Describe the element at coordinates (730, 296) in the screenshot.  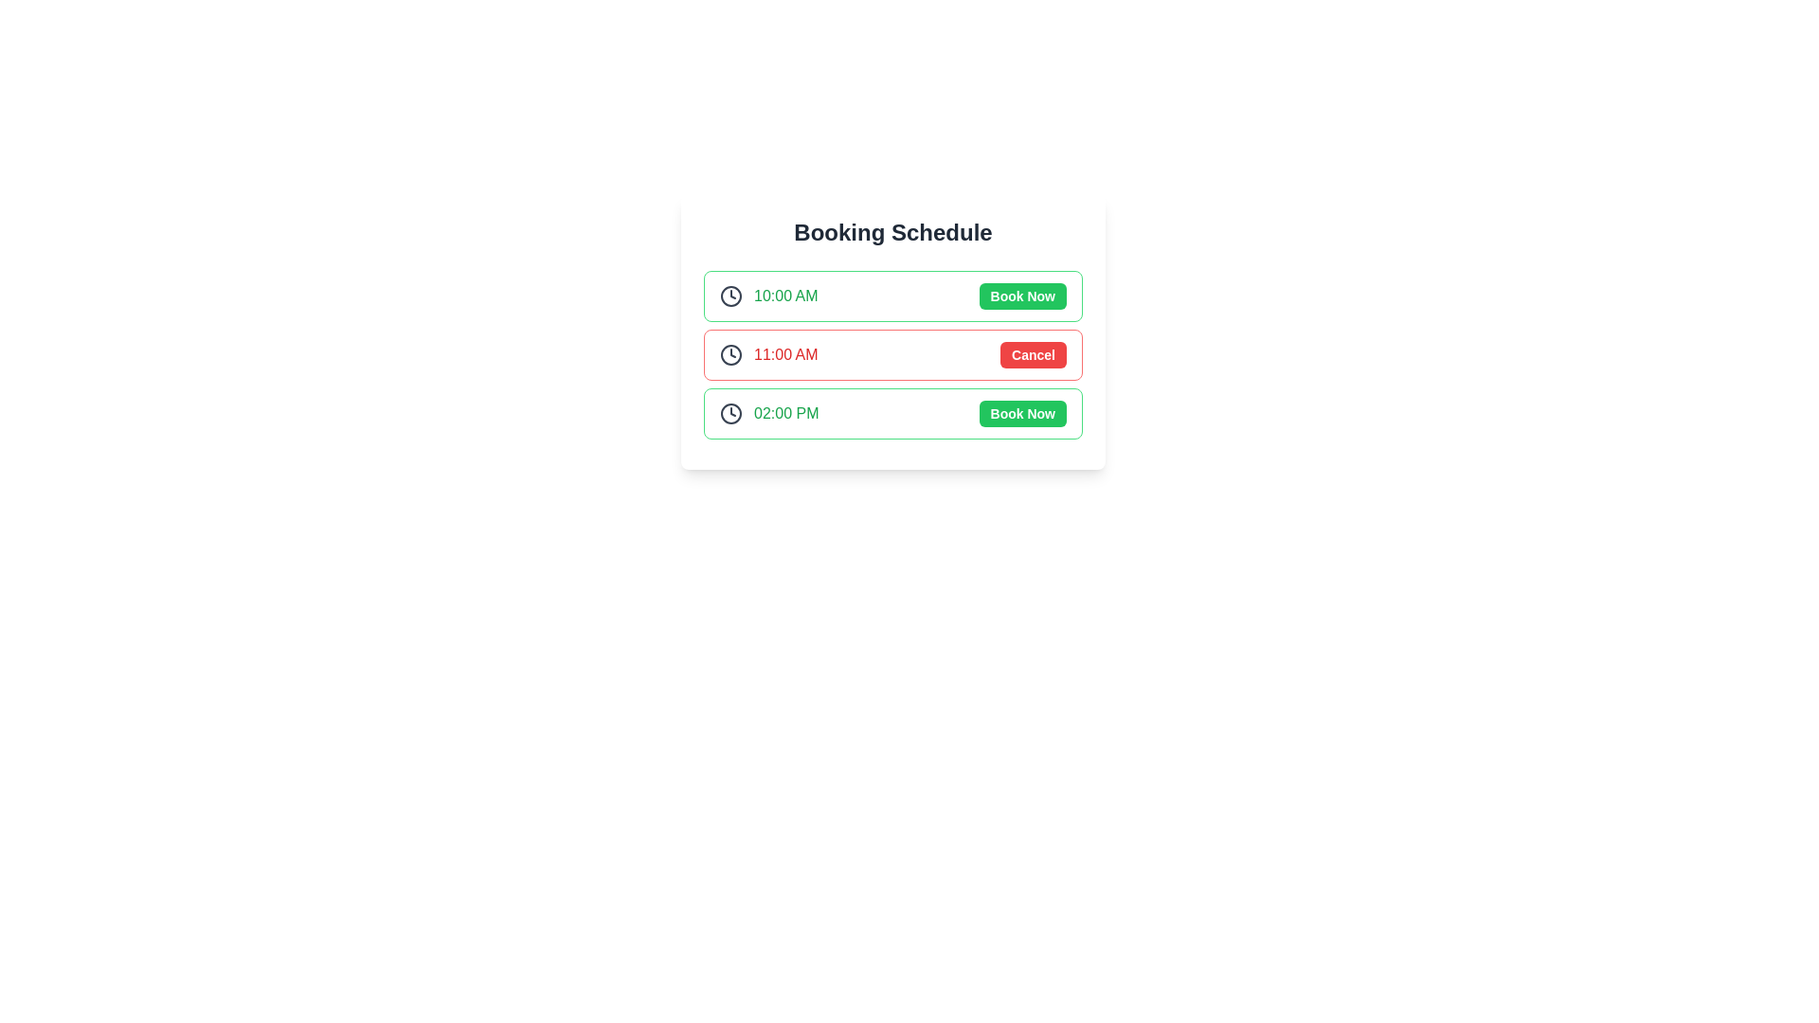
I see `the Vector graphic - Circle, which is part of the SVG clock icon located next to the '10:00 AM' text in the first row of the schedule list` at that location.